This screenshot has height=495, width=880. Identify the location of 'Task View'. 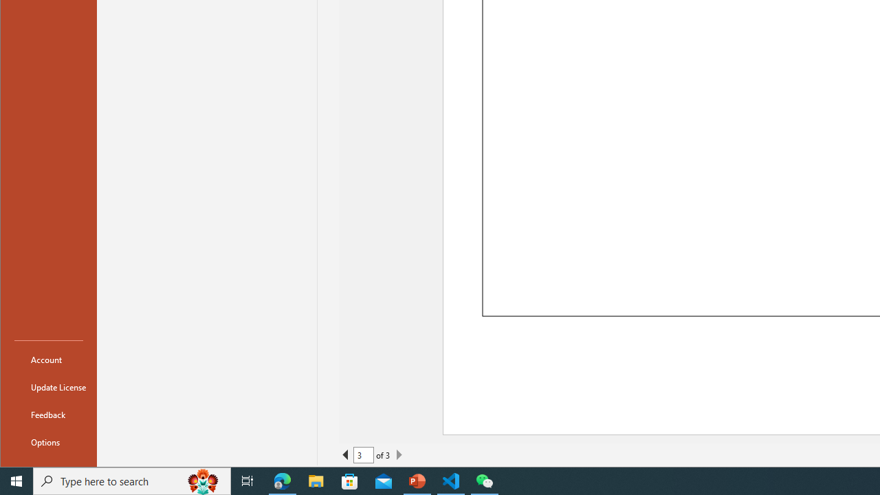
(247, 480).